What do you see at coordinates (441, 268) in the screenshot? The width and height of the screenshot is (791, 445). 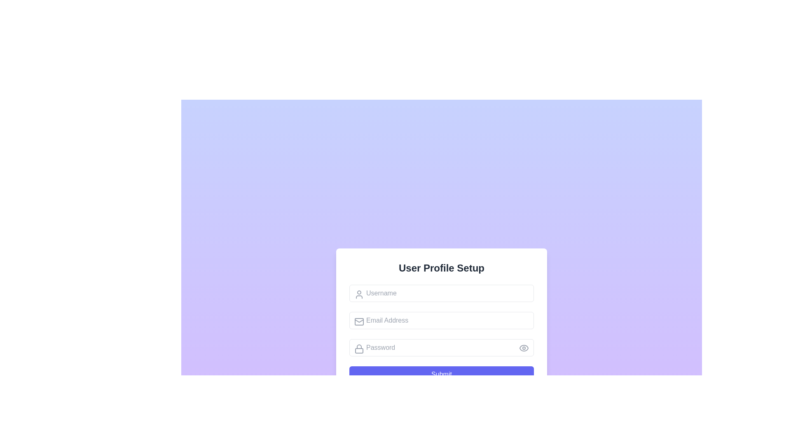 I see `header text 'User Profile Setup' displayed in large, bold font and dark gray color at the top of the user profile setup card` at bounding box center [441, 268].